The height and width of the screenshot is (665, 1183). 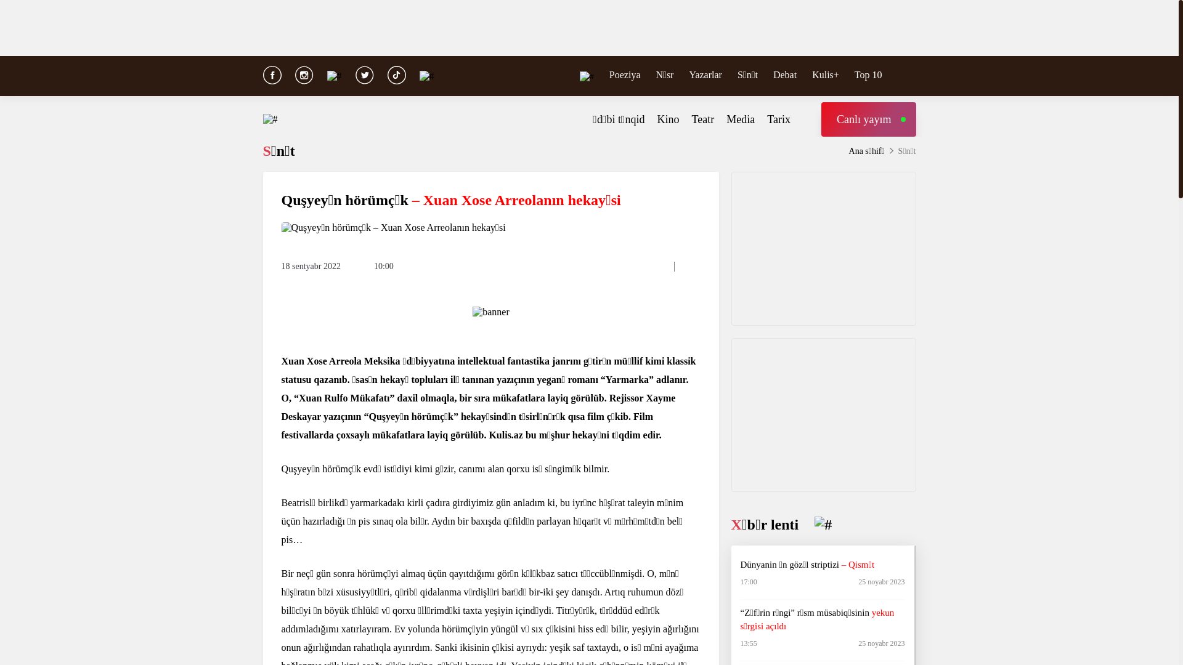 I want to click on 'Kulis+', so click(x=825, y=74).